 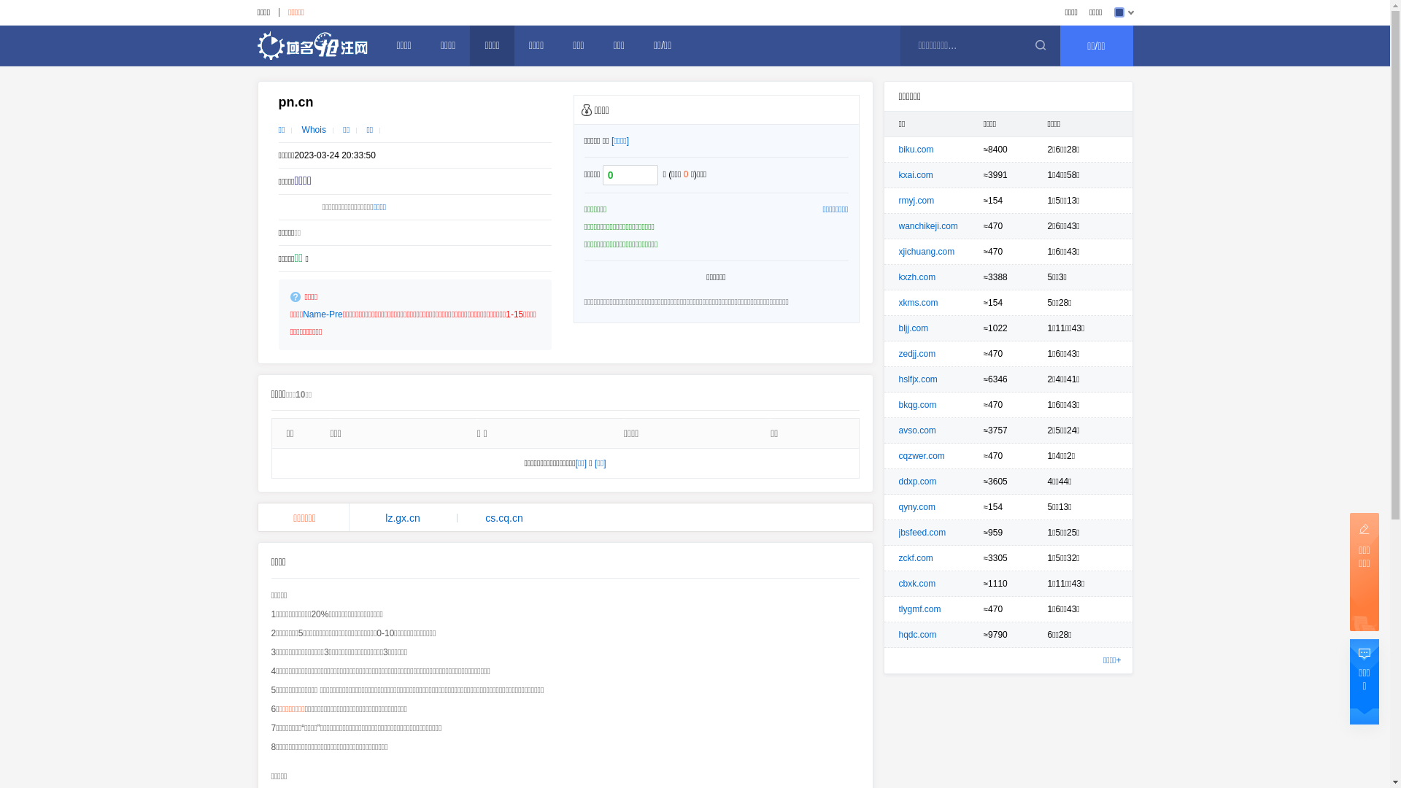 What do you see at coordinates (916, 277) in the screenshot?
I see `'kxzh.com'` at bounding box center [916, 277].